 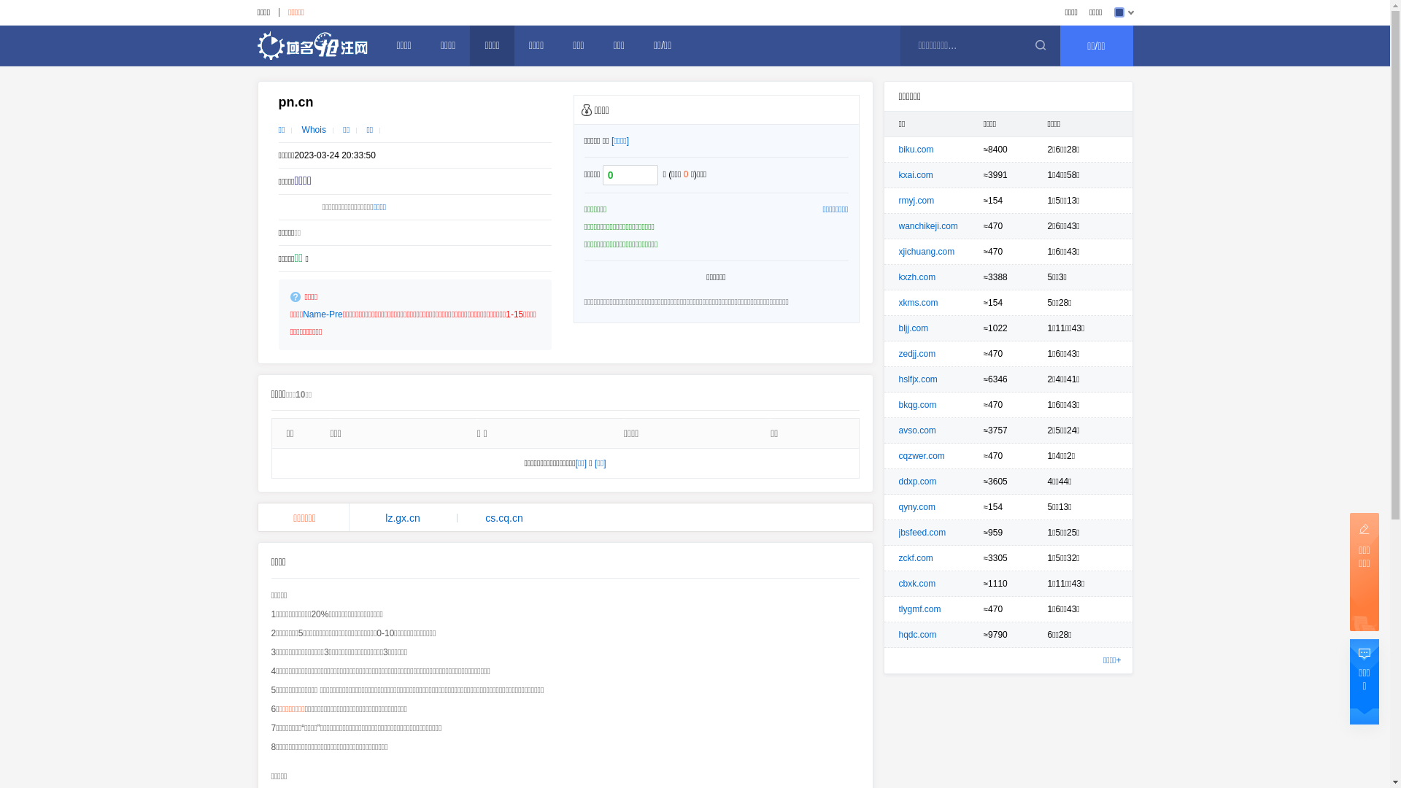 What do you see at coordinates (916, 277) in the screenshot?
I see `'kxzh.com'` at bounding box center [916, 277].